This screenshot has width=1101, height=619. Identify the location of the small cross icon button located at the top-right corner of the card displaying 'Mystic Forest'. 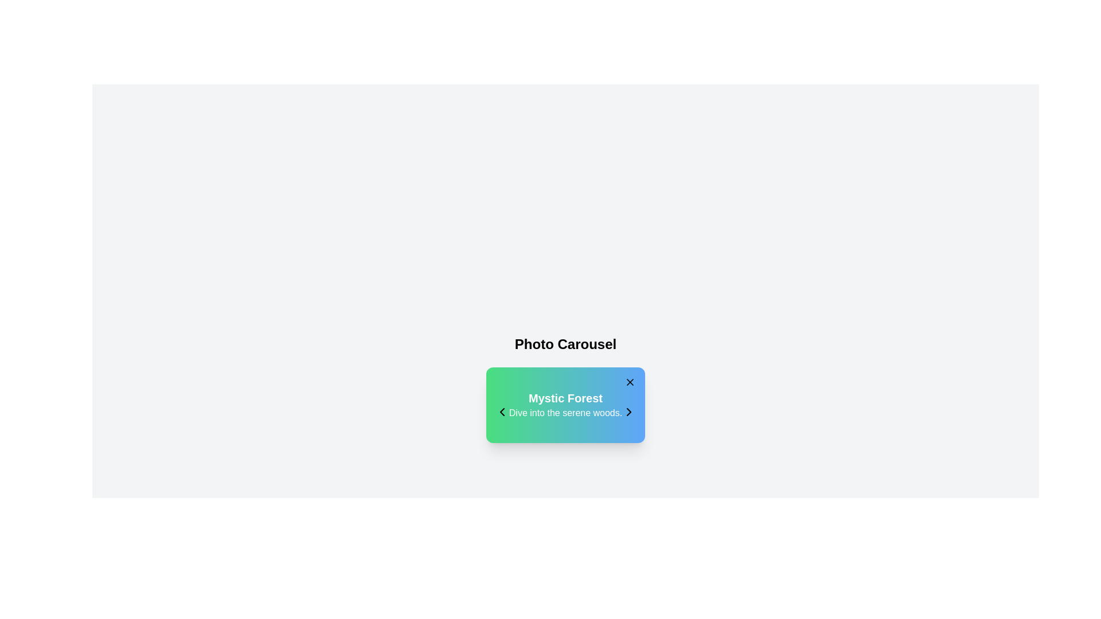
(630, 382).